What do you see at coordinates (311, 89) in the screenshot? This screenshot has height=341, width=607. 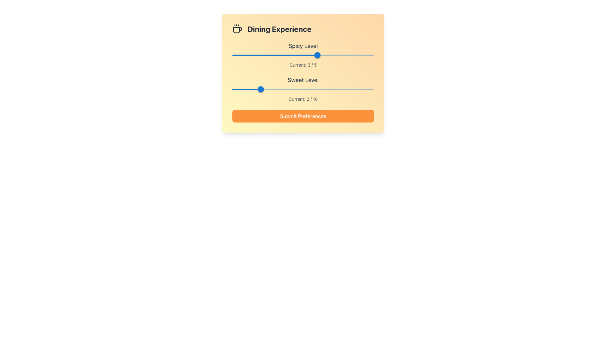 I see `the sweet level` at bounding box center [311, 89].